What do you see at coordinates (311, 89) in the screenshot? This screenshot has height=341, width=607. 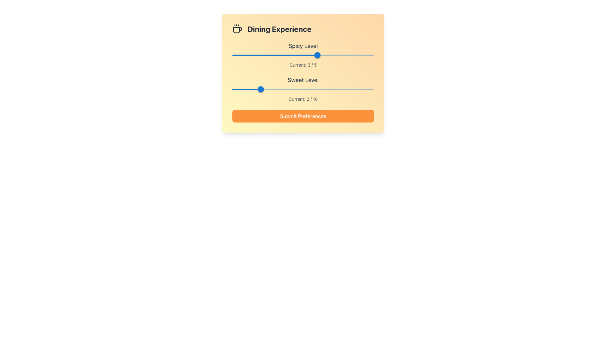 I see `the sweet level` at bounding box center [311, 89].